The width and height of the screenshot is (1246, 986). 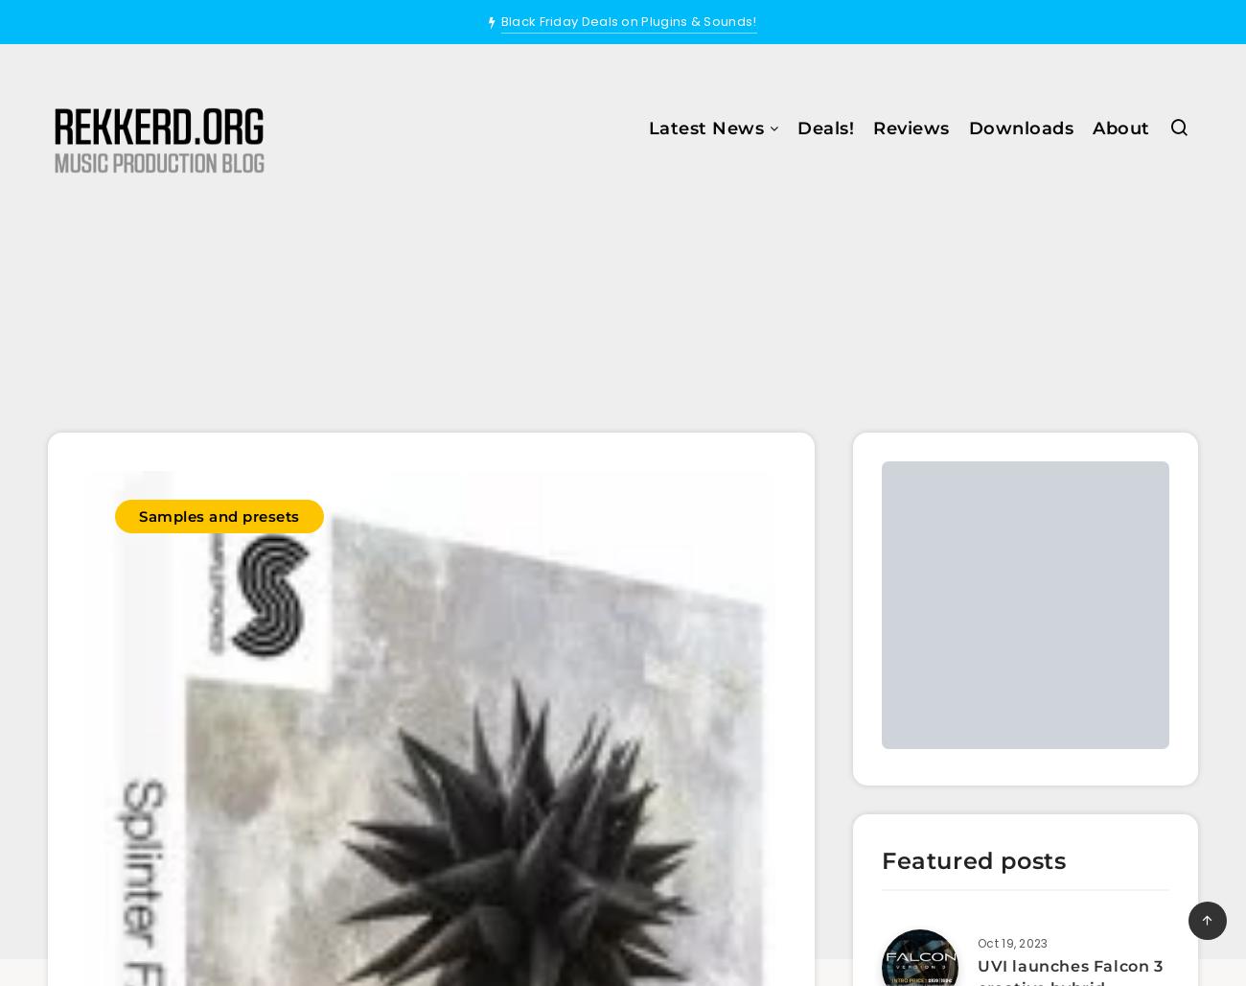 What do you see at coordinates (642, 338) in the screenshot?
I see `'Sales and Promotions'` at bounding box center [642, 338].